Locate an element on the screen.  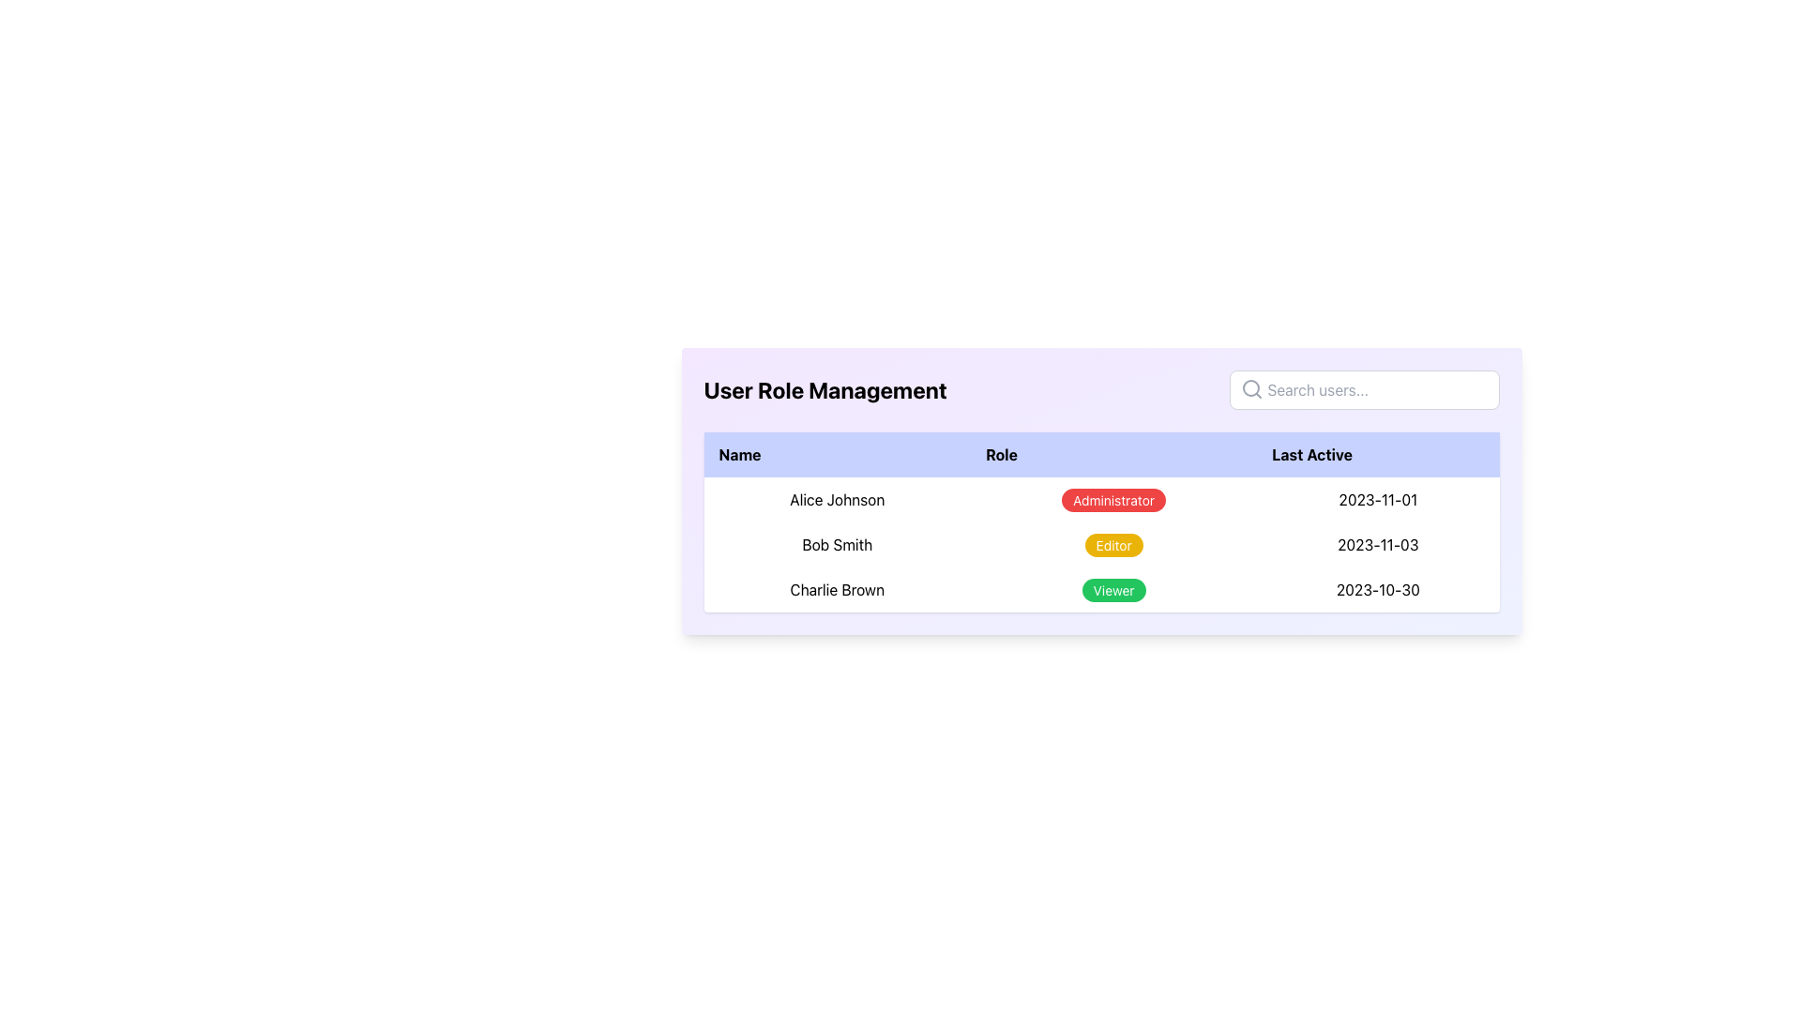
the pill-shaped button with a green background and white text reading 'Viewer', located in the 'Role' column of the 'User Role Management' table, aligned with 'Charlie Brown' is located at coordinates (1113, 589).